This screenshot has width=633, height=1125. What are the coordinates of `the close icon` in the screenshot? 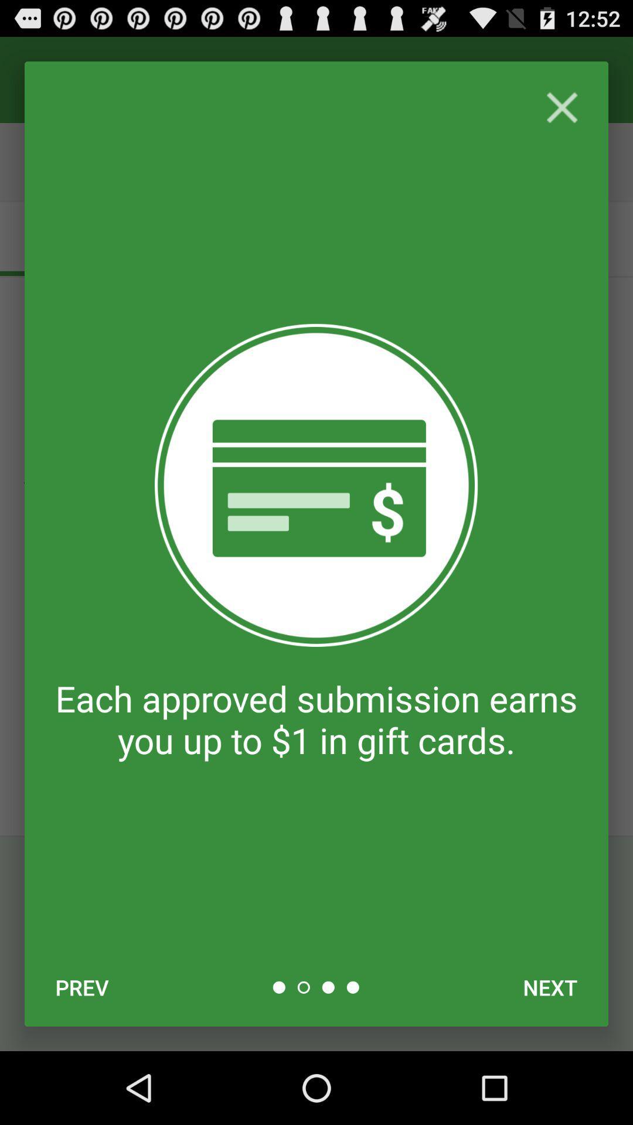 It's located at (561, 115).